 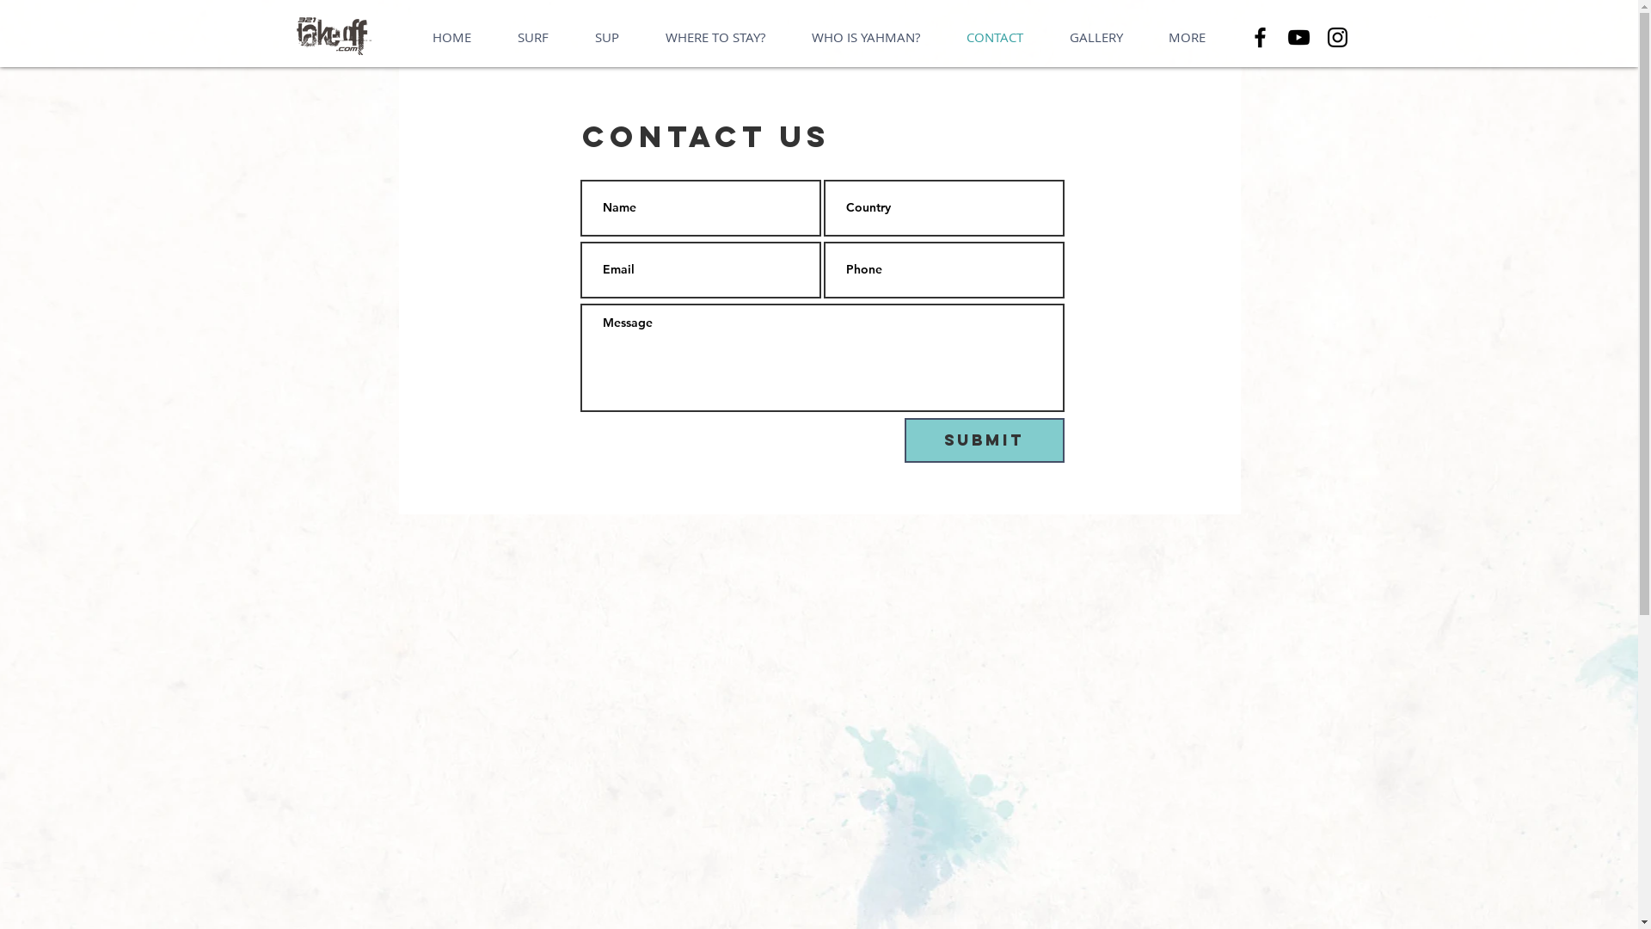 What do you see at coordinates (1186, 37) in the screenshot?
I see `'MORE'` at bounding box center [1186, 37].